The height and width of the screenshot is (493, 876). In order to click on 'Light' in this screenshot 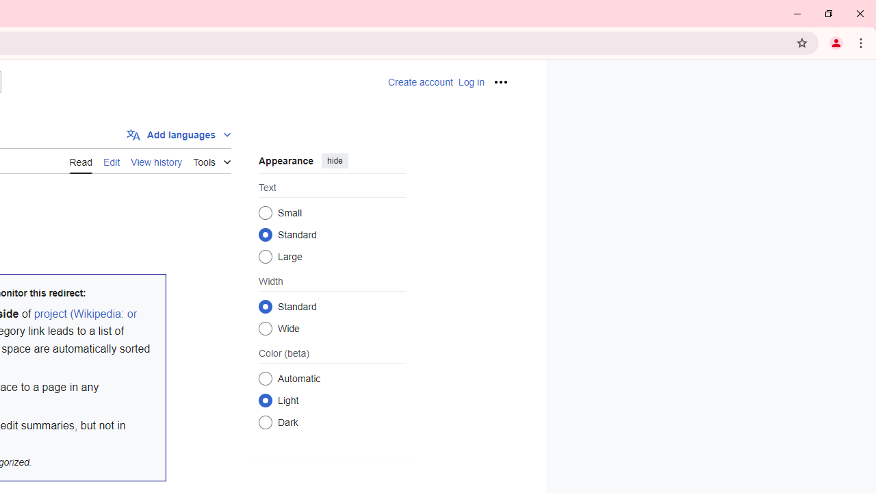, I will do `click(265, 400)`.